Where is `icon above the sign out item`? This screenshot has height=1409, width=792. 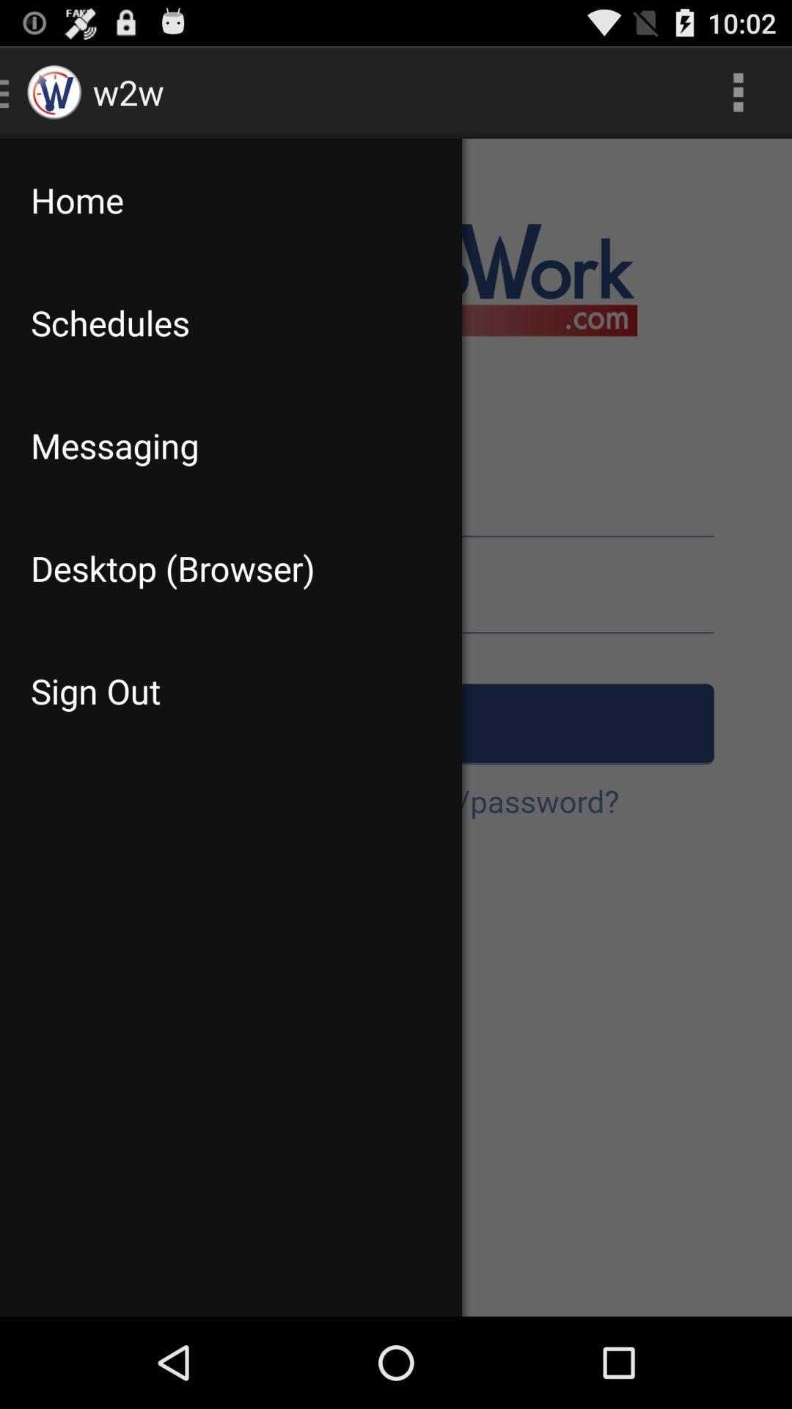 icon above the sign out item is located at coordinates (231, 567).